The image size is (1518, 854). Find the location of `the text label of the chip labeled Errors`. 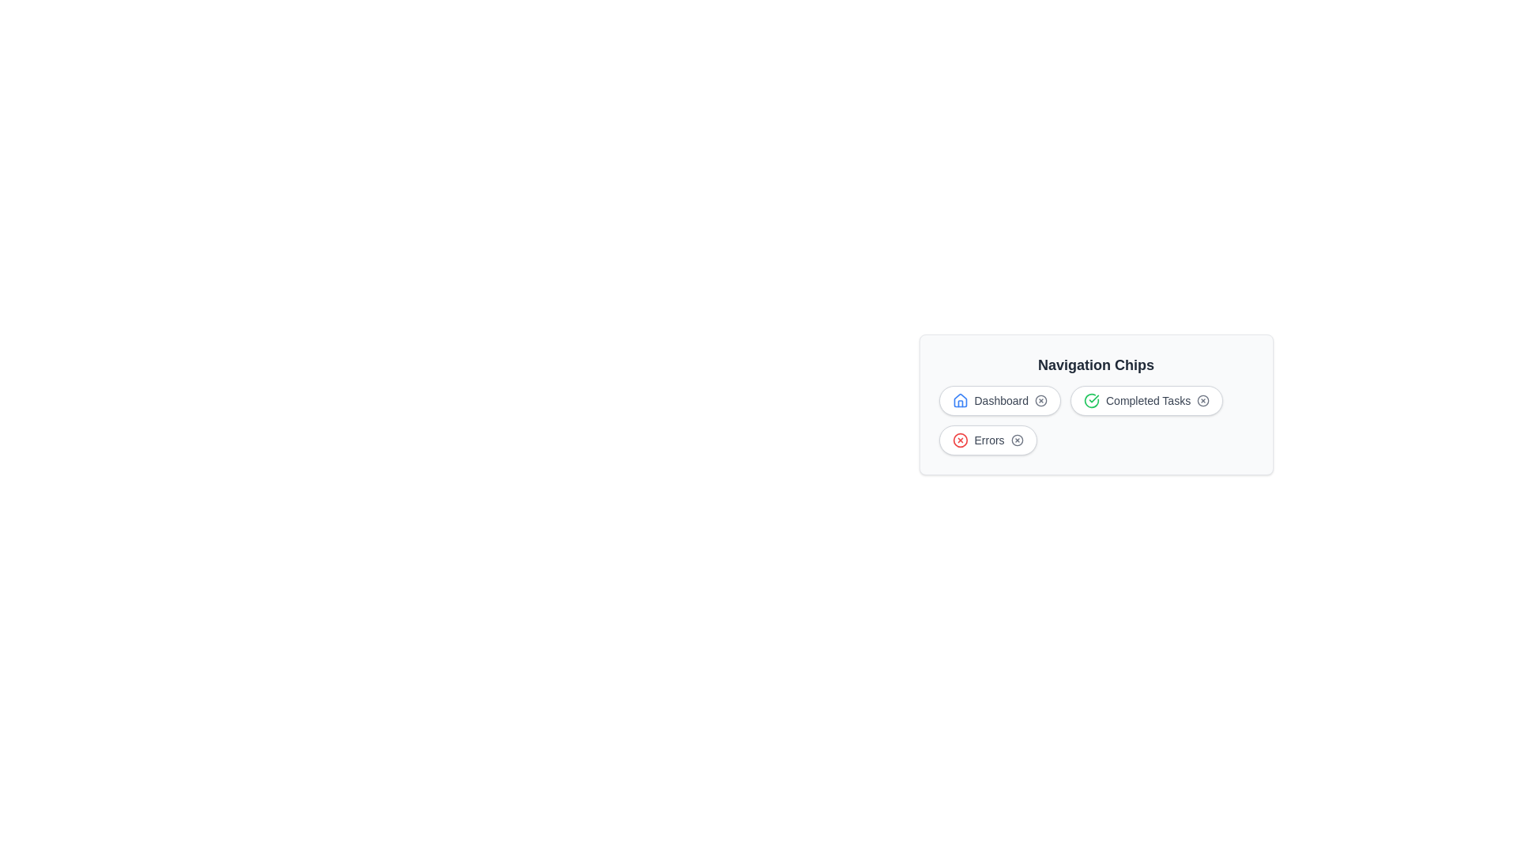

the text label of the chip labeled Errors is located at coordinates (987, 440).